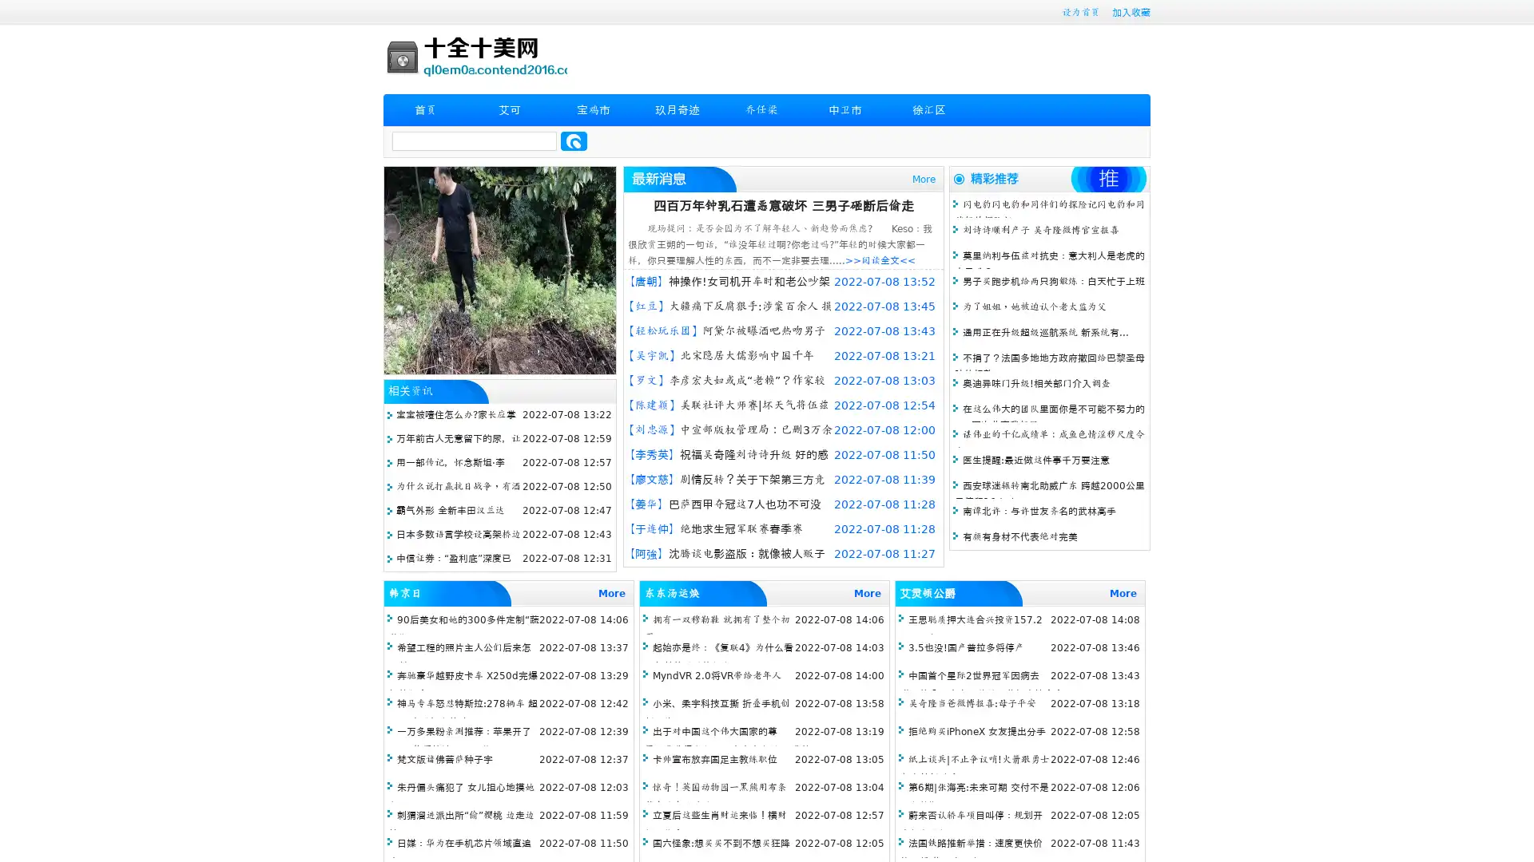 Image resolution: width=1534 pixels, height=862 pixels. What do you see at coordinates (574, 140) in the screenshot?
I see `Search` at bounding box center [574, 140].